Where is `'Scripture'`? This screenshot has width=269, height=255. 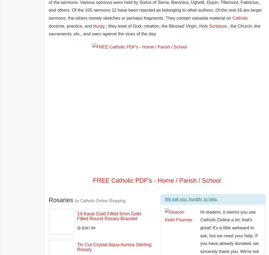 'Scripture' is located at coordinates (218, 25).